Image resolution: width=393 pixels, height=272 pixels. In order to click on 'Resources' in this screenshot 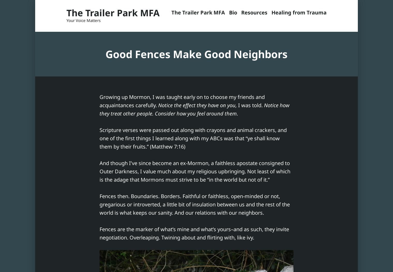, I will do `click(254, 12)`.